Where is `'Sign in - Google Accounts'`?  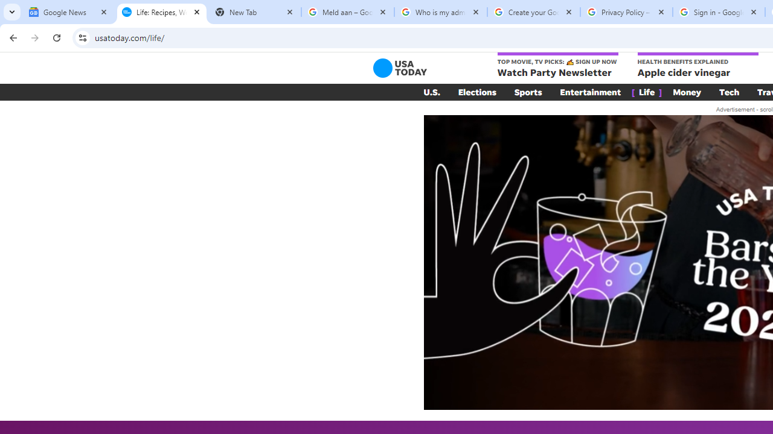 'Sign in - Google Accounts' is located at coordinates (719, 12).